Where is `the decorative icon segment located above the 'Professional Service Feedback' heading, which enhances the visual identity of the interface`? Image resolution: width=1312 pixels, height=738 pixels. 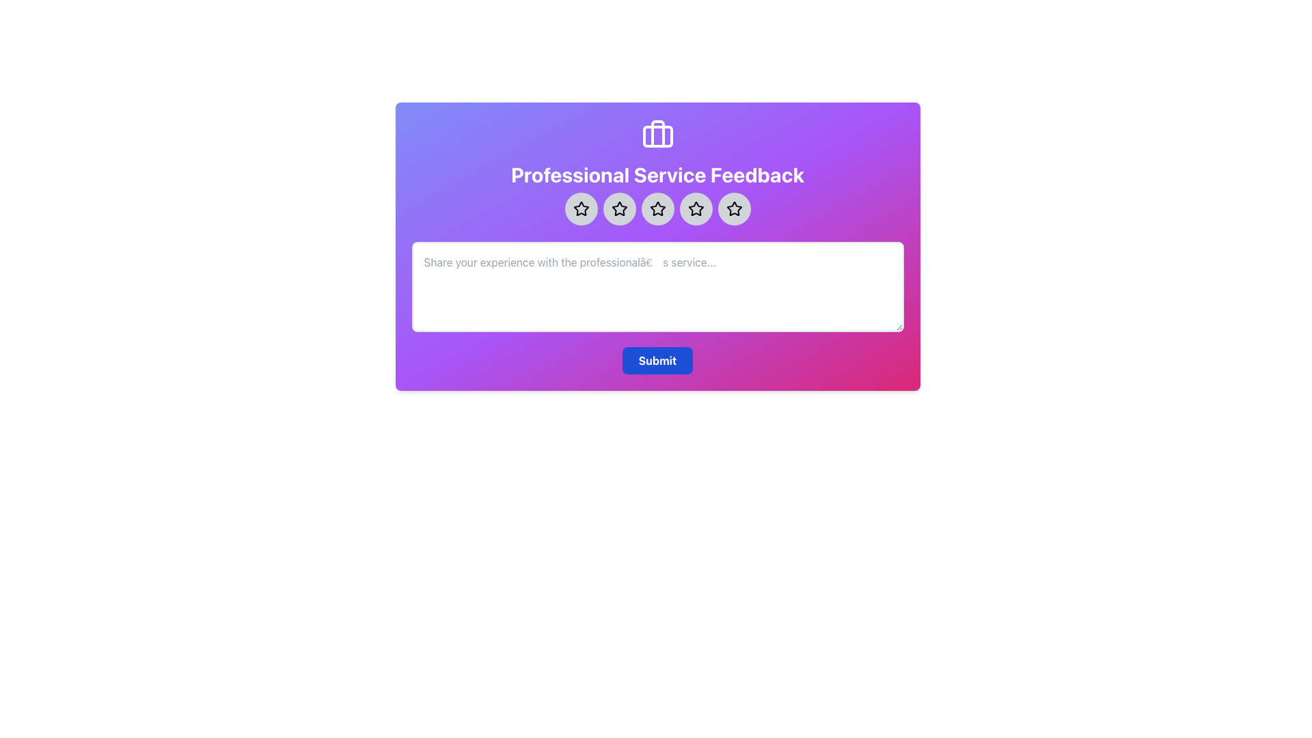
the decorative icon segment located above the 'Professional Service Feedback' heading, which enhances the visual identity of the interface is located at coordinates (657, 134).